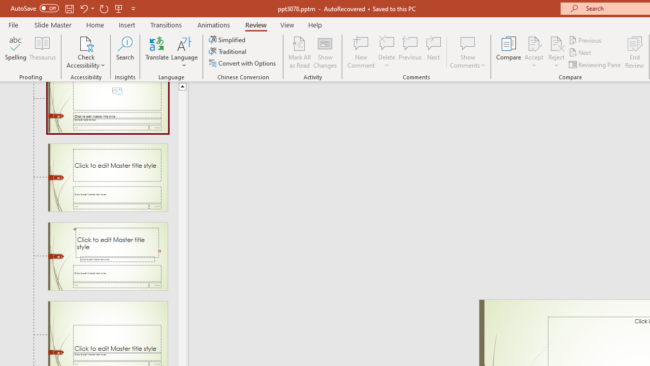  I want to click on 'Compare', so click(509, 52).